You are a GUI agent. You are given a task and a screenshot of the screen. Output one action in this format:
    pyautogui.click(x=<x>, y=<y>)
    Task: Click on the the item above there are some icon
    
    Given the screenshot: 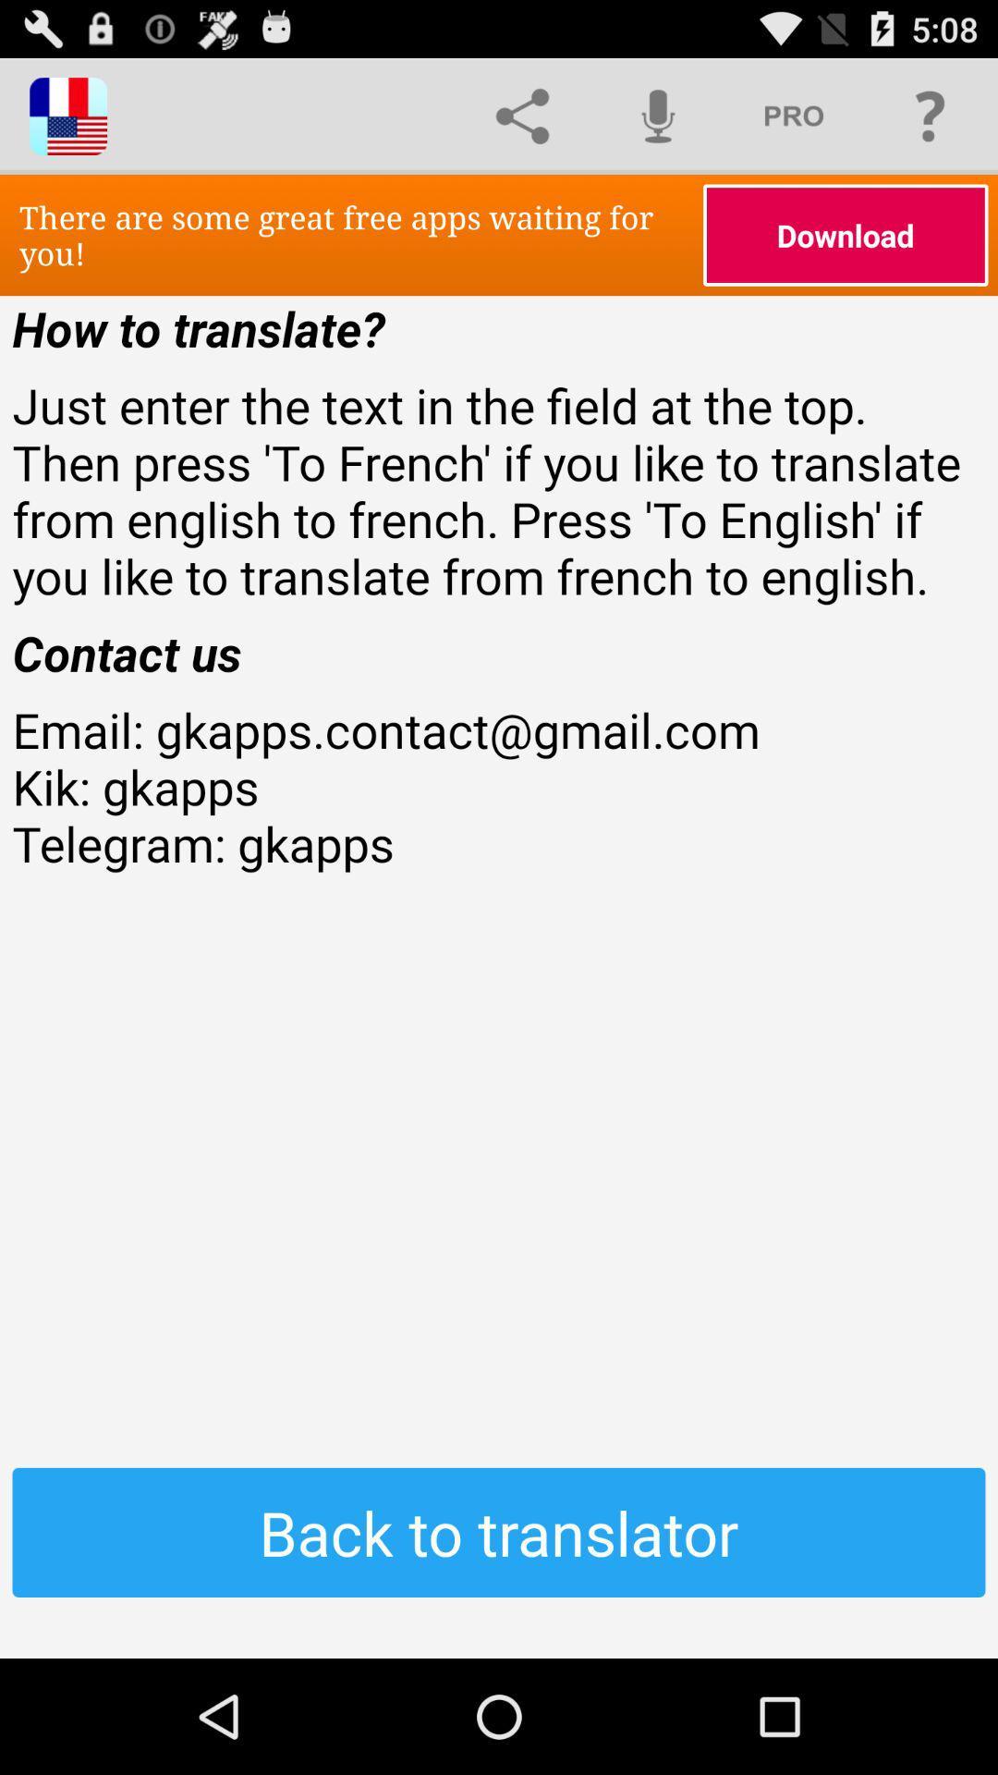 What is the action you would take?
    pyautogui.click(x=657, y=115)
    